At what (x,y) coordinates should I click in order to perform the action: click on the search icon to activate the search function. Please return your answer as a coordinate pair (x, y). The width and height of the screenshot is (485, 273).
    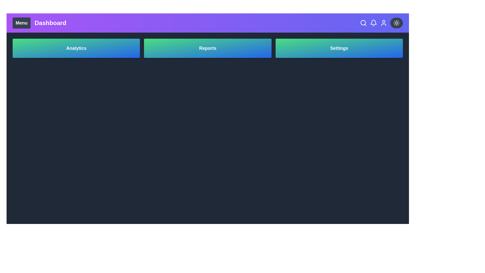
    Looking at the image, I should click on (363, 23).